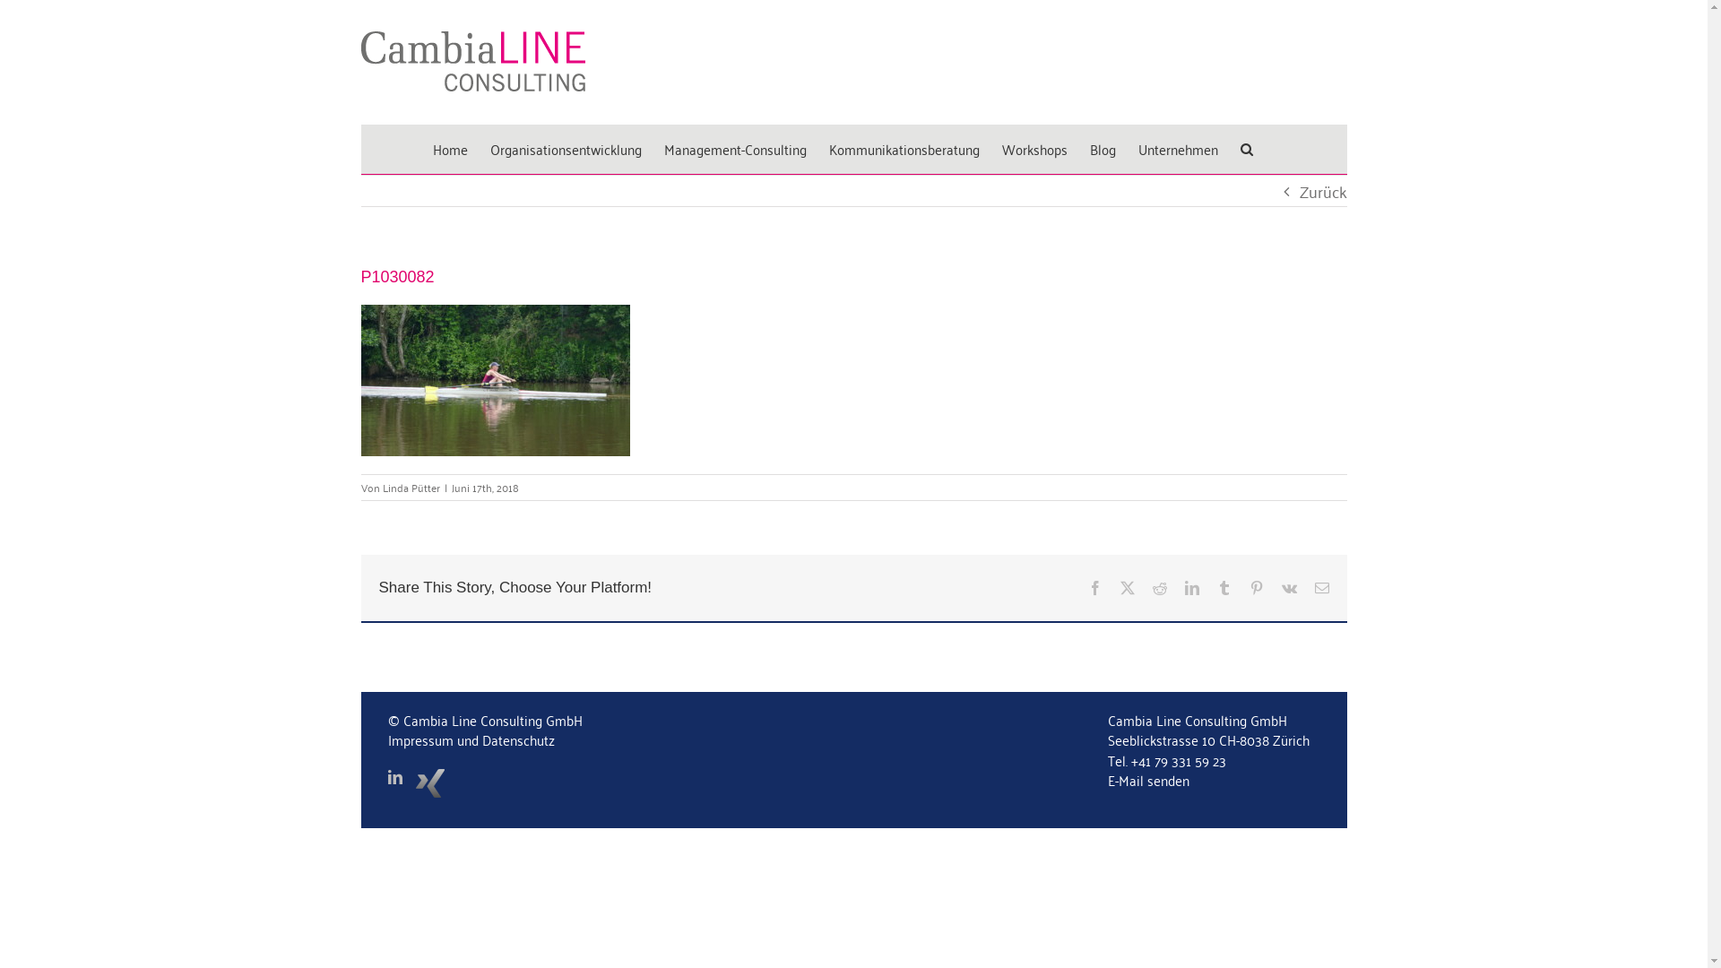  I want to click on 'E-Mail', so click(1320, 587).